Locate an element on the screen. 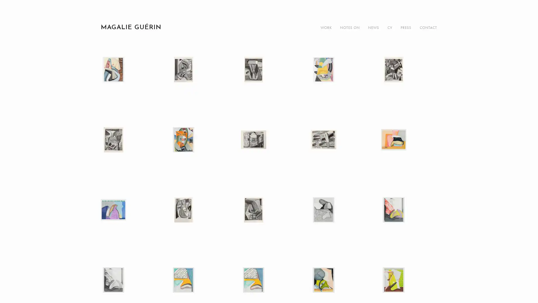 The image size is (538, 303). View fullsize Copy Drawing (hat-house)-B&amp;W, 2016 is located at coordinates (338, 225).